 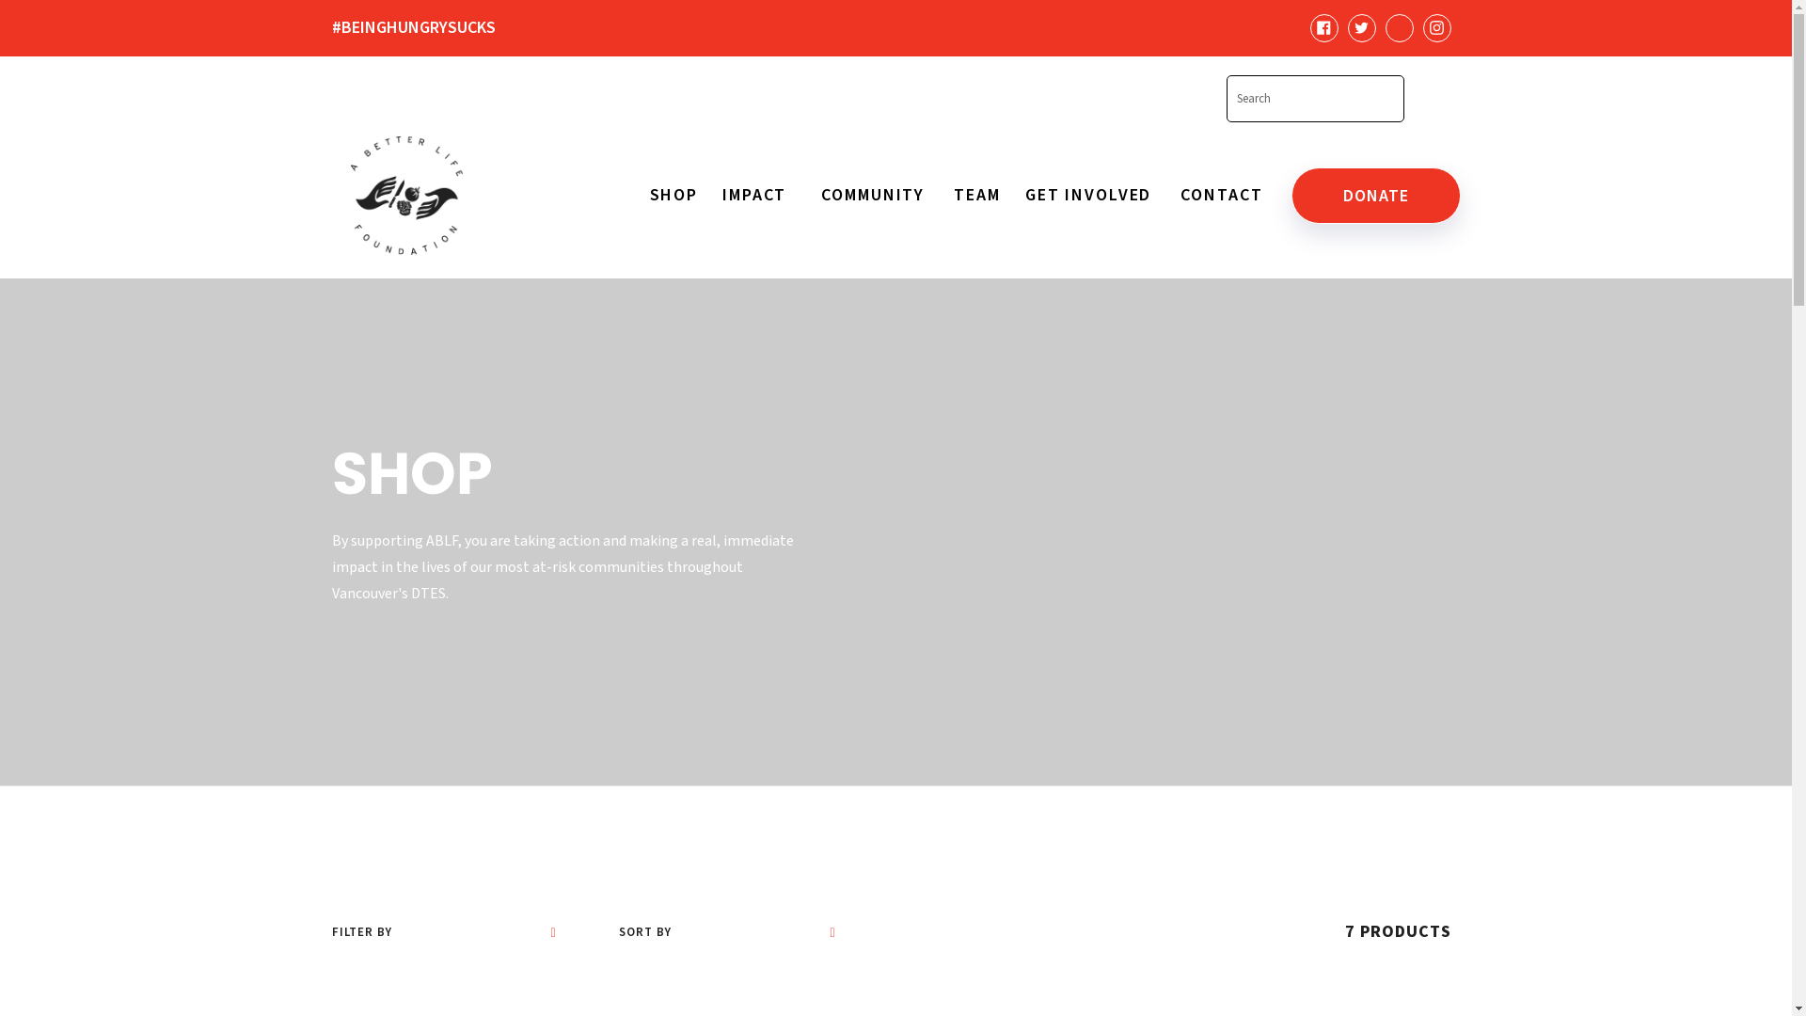 What do you see at coordinates (1375, 196) in the screenshot?
I see `'DONATE'` at bounding box center [1375, 196].